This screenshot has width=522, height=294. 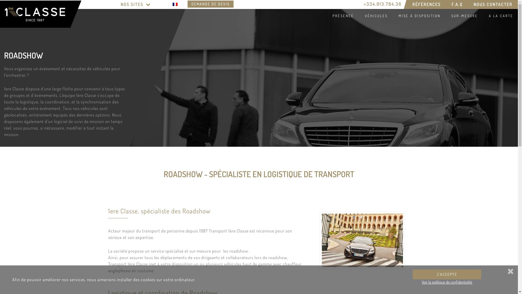 I want to click on 'A LA CARTE', so click(x=500, y=15).